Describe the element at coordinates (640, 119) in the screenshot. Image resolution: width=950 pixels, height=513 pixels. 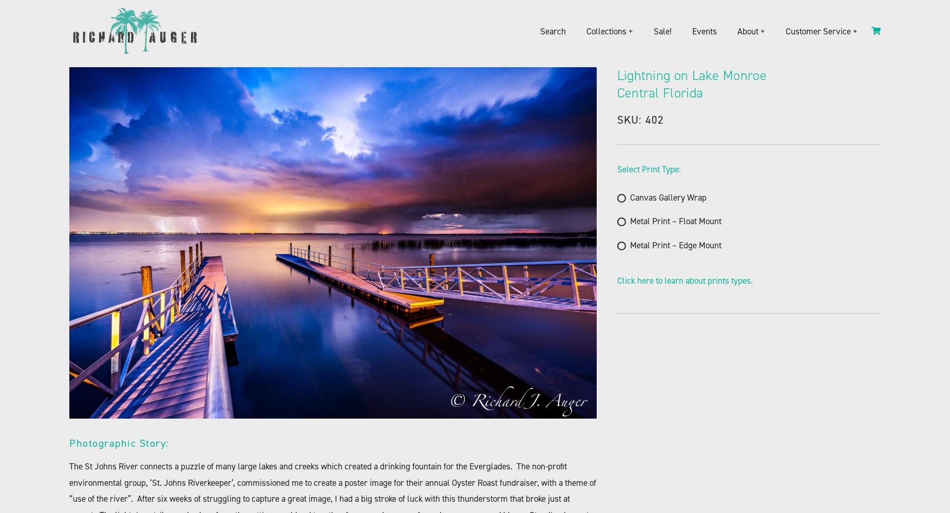
I see `'SKU: 402'` at that location.